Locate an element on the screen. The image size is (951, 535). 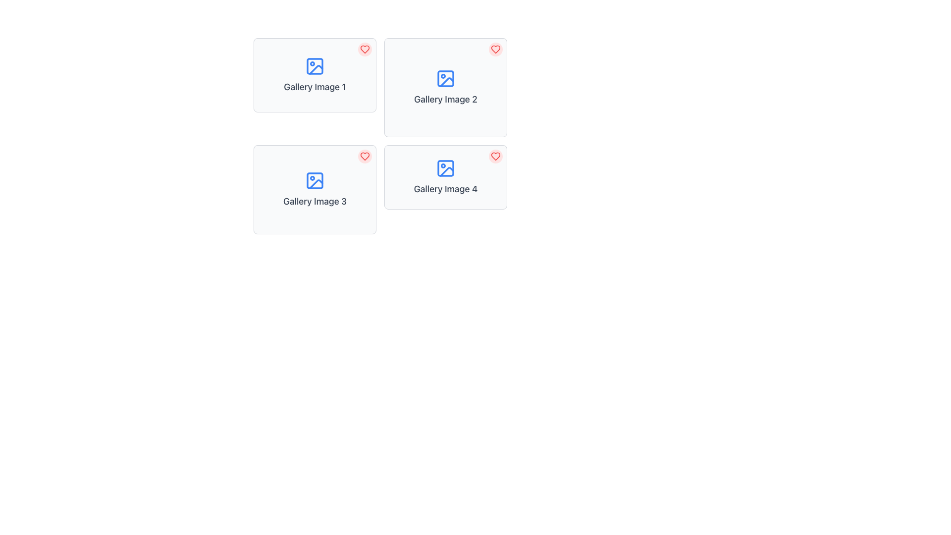
the decorative graphical component within the icon representing a broken image in the second gallery card located in the top right section is located at coordinates (446, 81).